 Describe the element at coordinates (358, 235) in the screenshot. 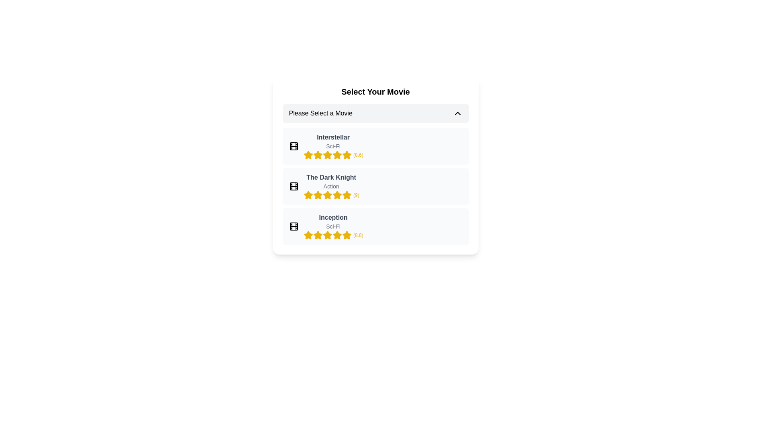

I see `numerical rating text for the movie 'Inception', which is located to the right of the yellow star icons in the third row of the movie information list` at that location.